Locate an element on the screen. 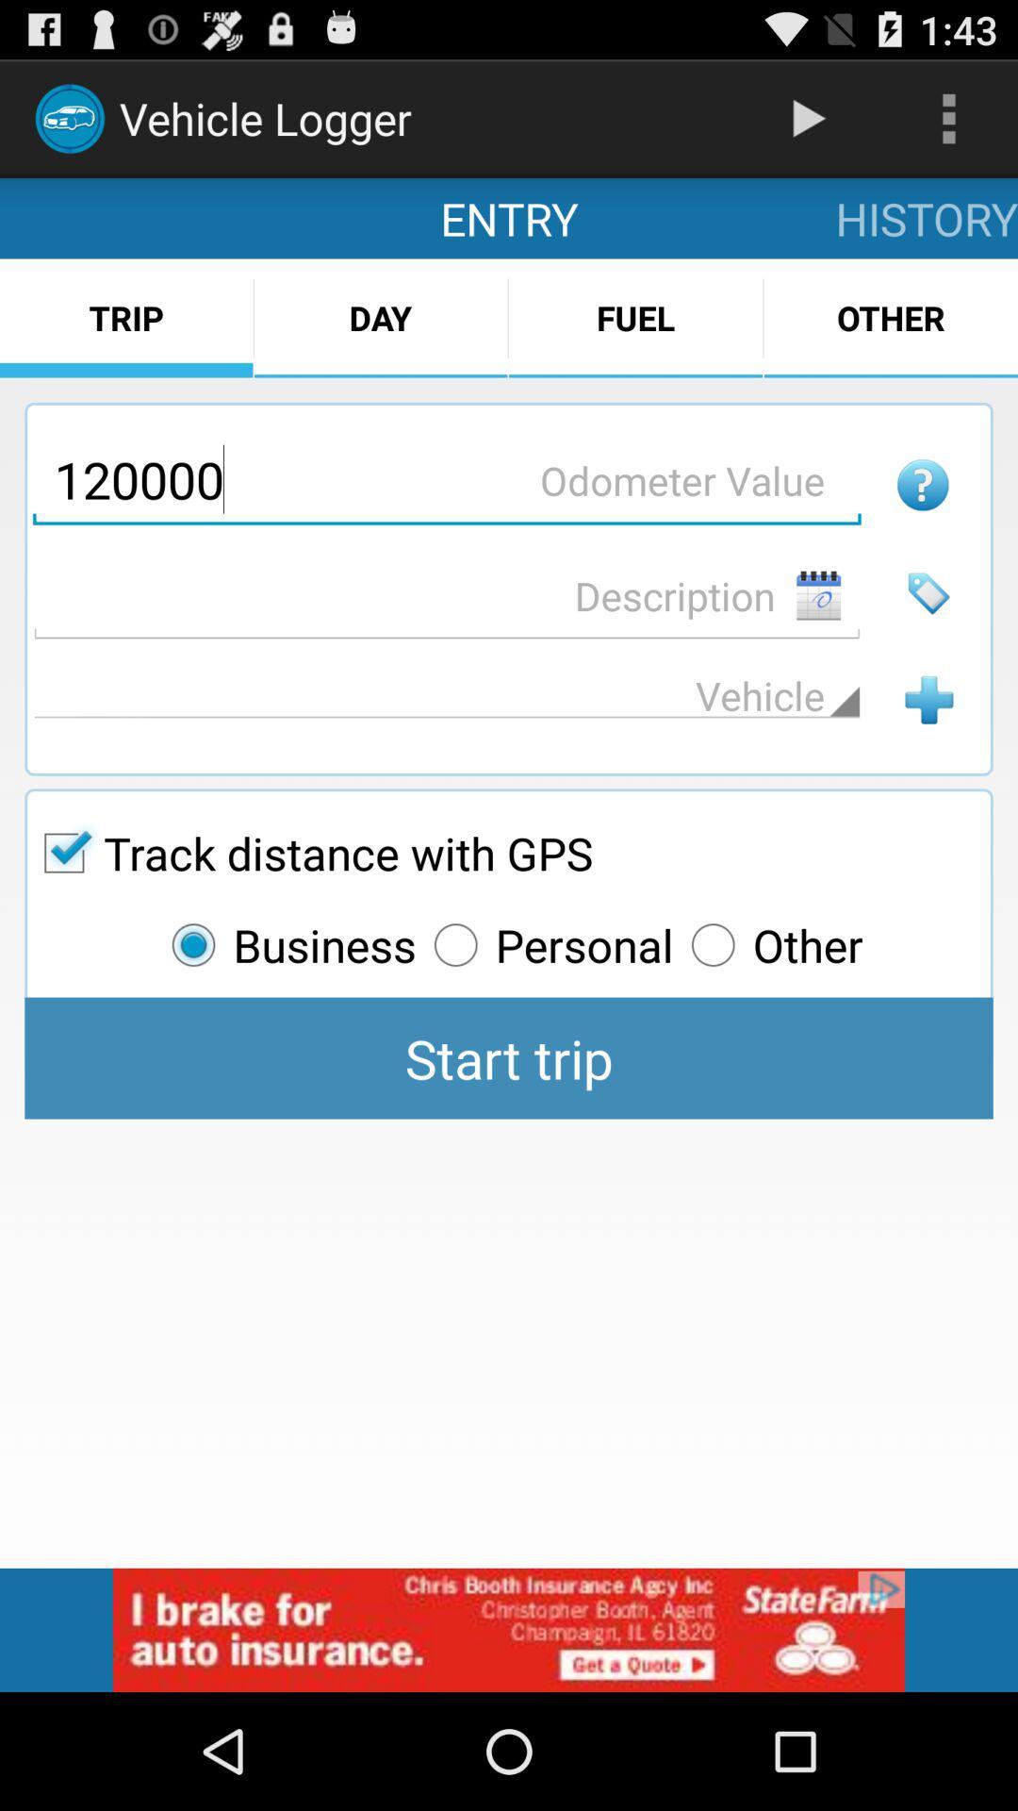  add description of your trip is located at coordinates (447, 594).